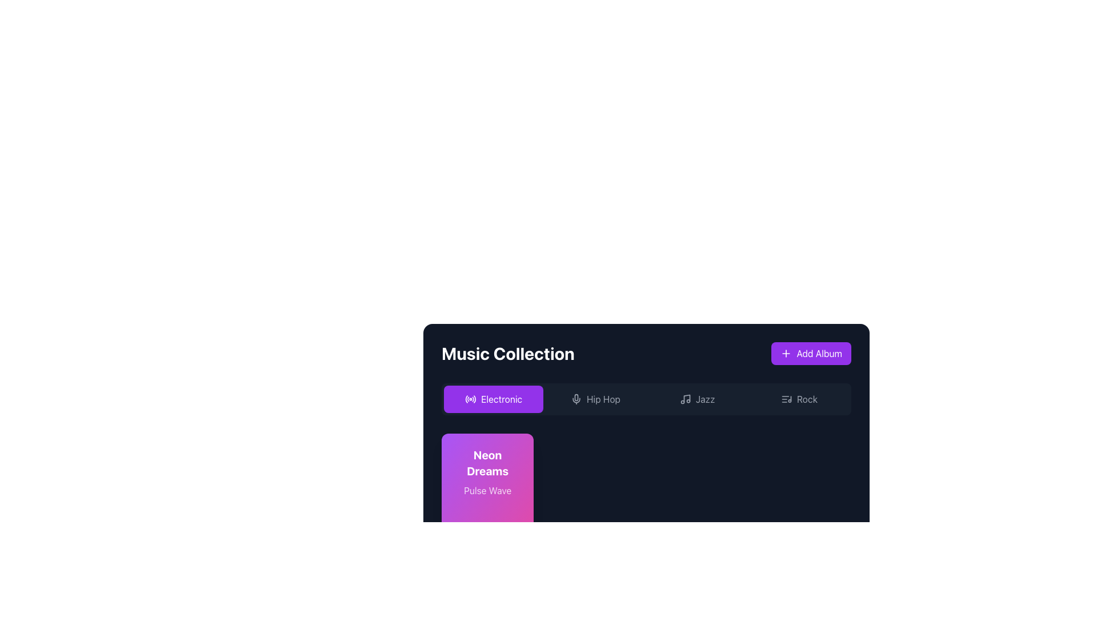  What do you see at coordinates (487, 472) in the screenshot?
I see `the text display element titled 'Neon Dreams' with the subtitle 'Pulse Wave', which is part of the 'Music Collection' section, located below the 'Electronic' category button` at bounding box center [487, 472].